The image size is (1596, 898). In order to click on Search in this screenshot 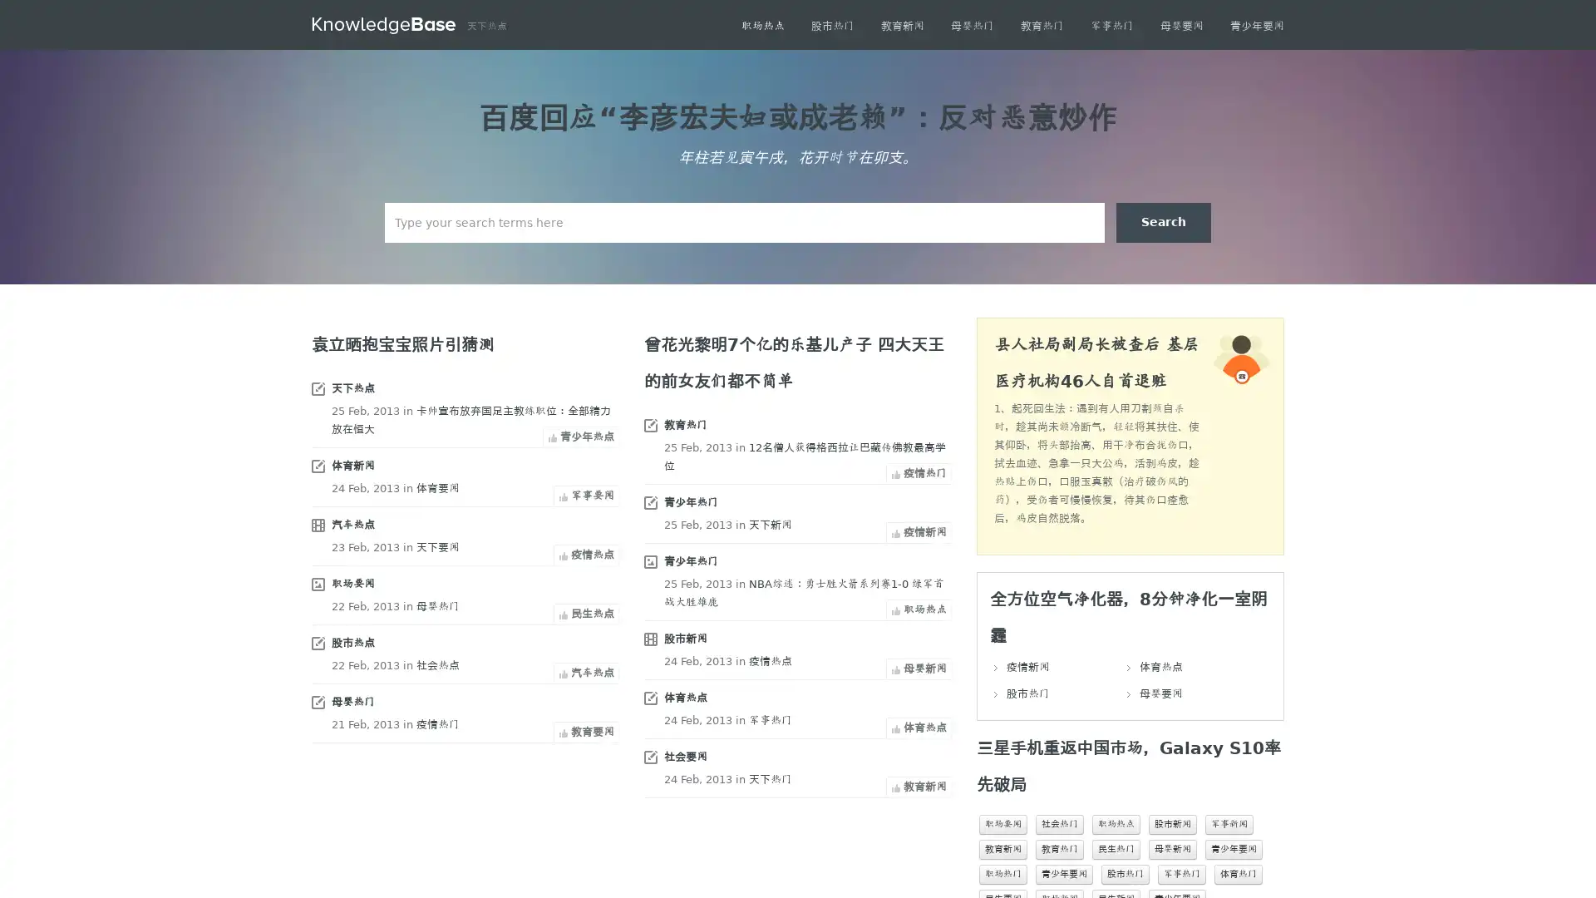, I will do `click(1163, 221)`.